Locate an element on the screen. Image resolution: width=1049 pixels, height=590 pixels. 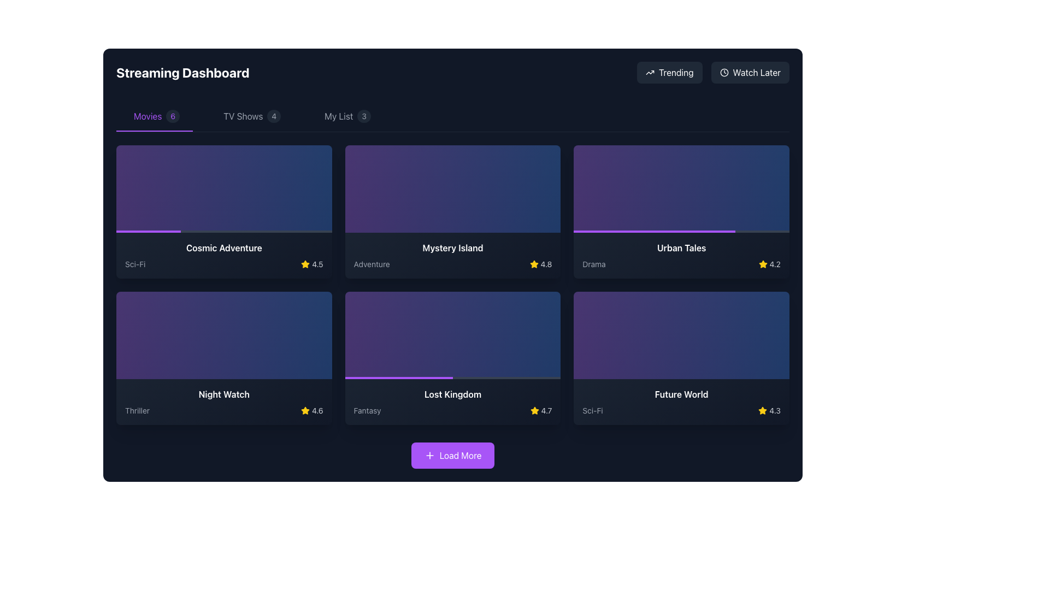
the progress bar located at the bottom of the 'Lost Kingdom' card, which visually represents the completion percentage of an activity is located at coordinates (453, 377).